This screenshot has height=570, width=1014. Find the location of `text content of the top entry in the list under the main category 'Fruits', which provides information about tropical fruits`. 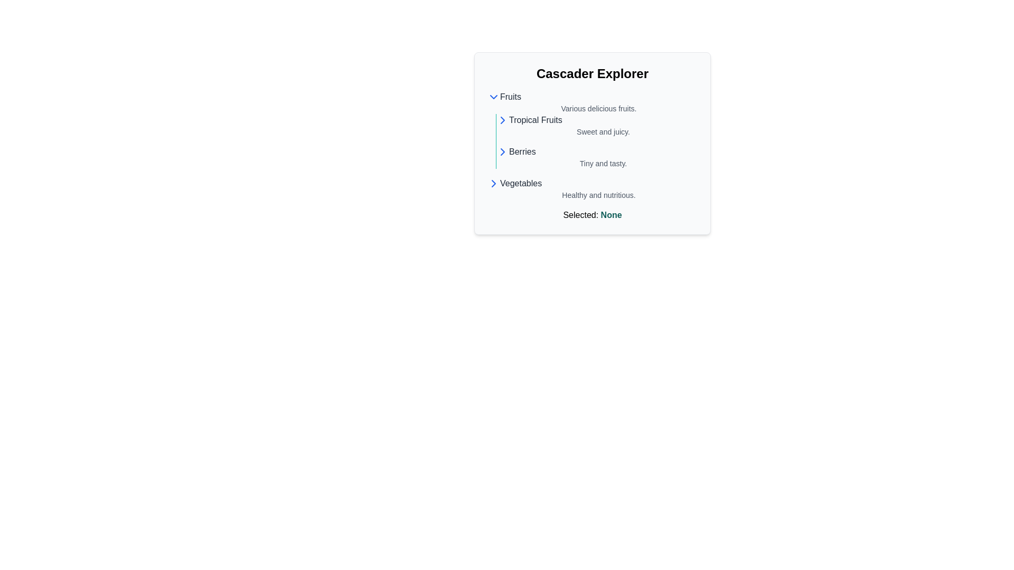

text content of the top entry in the list under the main category 'Fruits', which provides information about tropical fruits is located at coordinates (597, 125).